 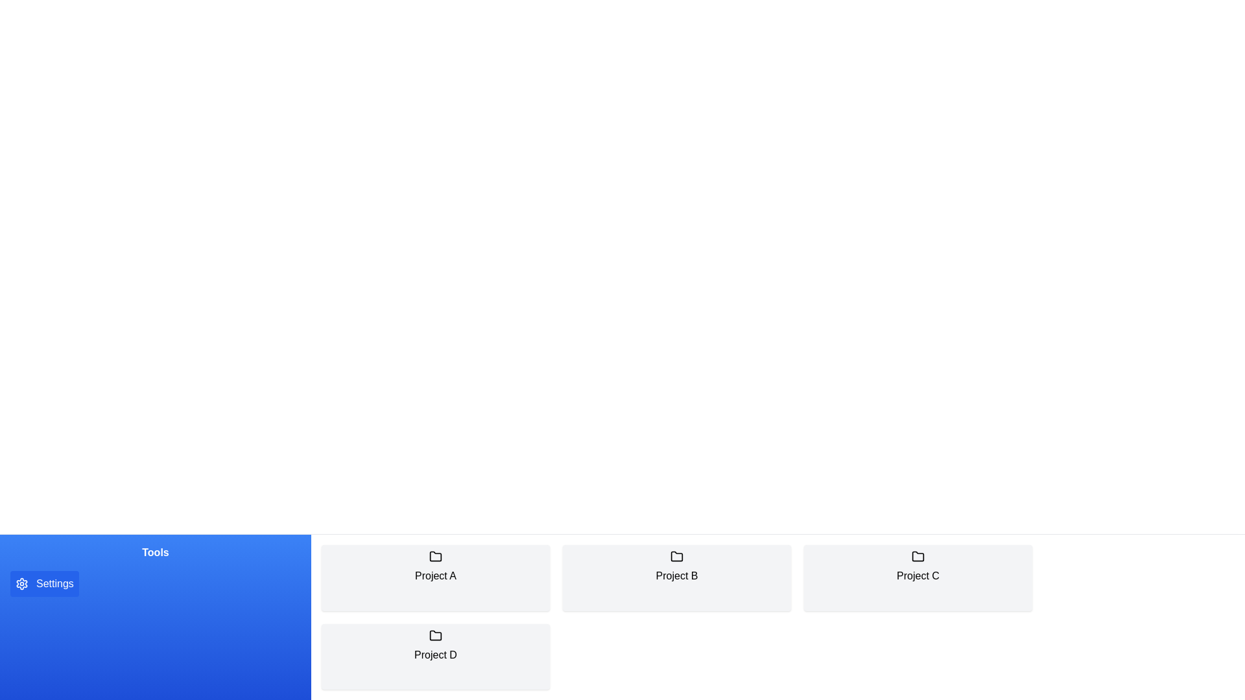 What do you see at coordinates (436, 556) in the screenshot?
I see `the folder icon representing 'Project A' located at the top of the 'Project A' panel` at bounding box center [436, 556].